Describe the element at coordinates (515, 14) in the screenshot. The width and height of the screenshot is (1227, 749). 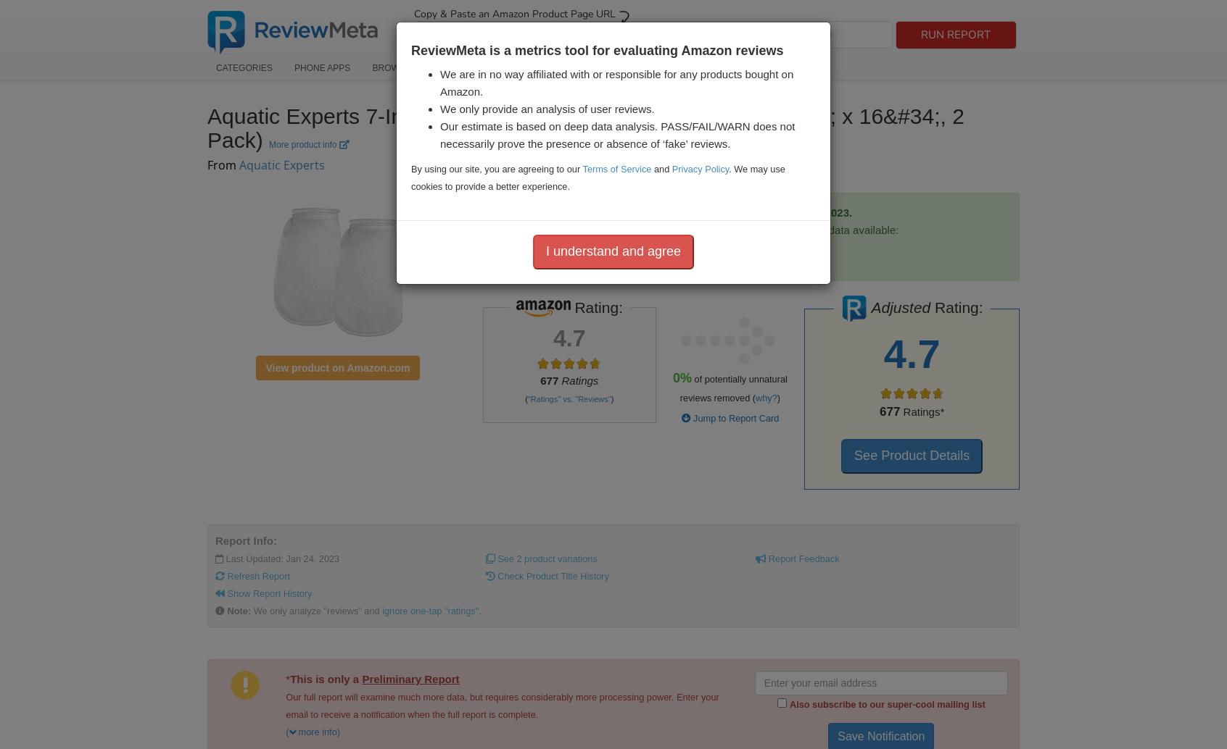
I see `'Copy & Paste an Amazon Product Page URL'` at that location.